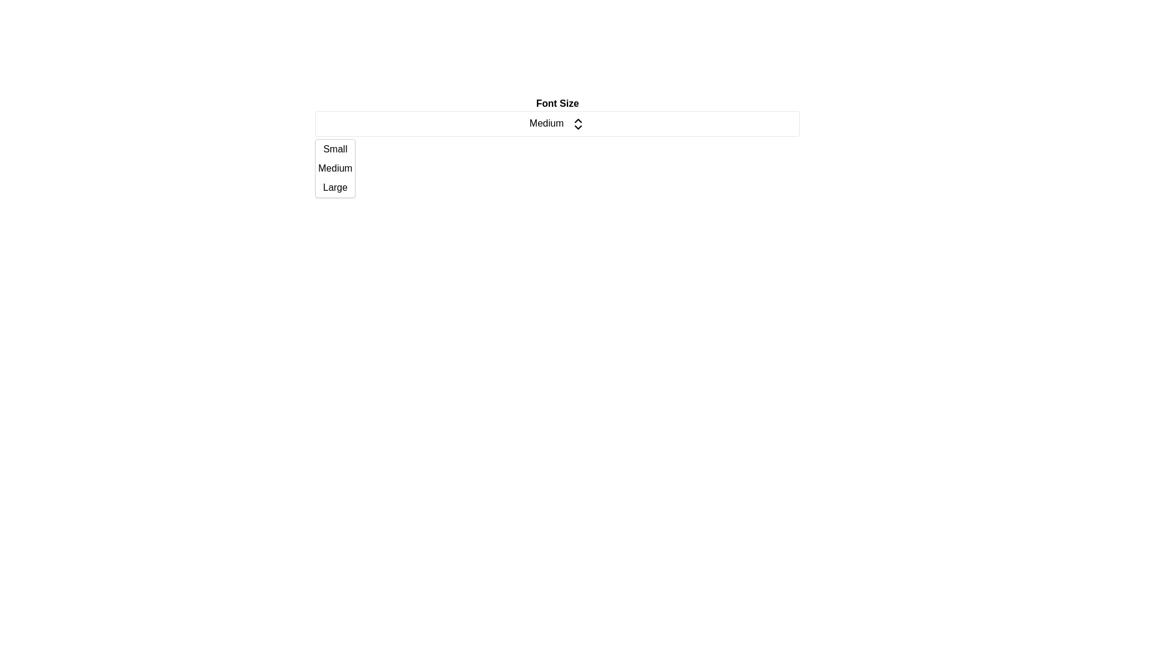 The width and height of the screenshot is (1153, 648). I want to click on the 'Large' font size option in the dropdown menu, so click(335, 187).